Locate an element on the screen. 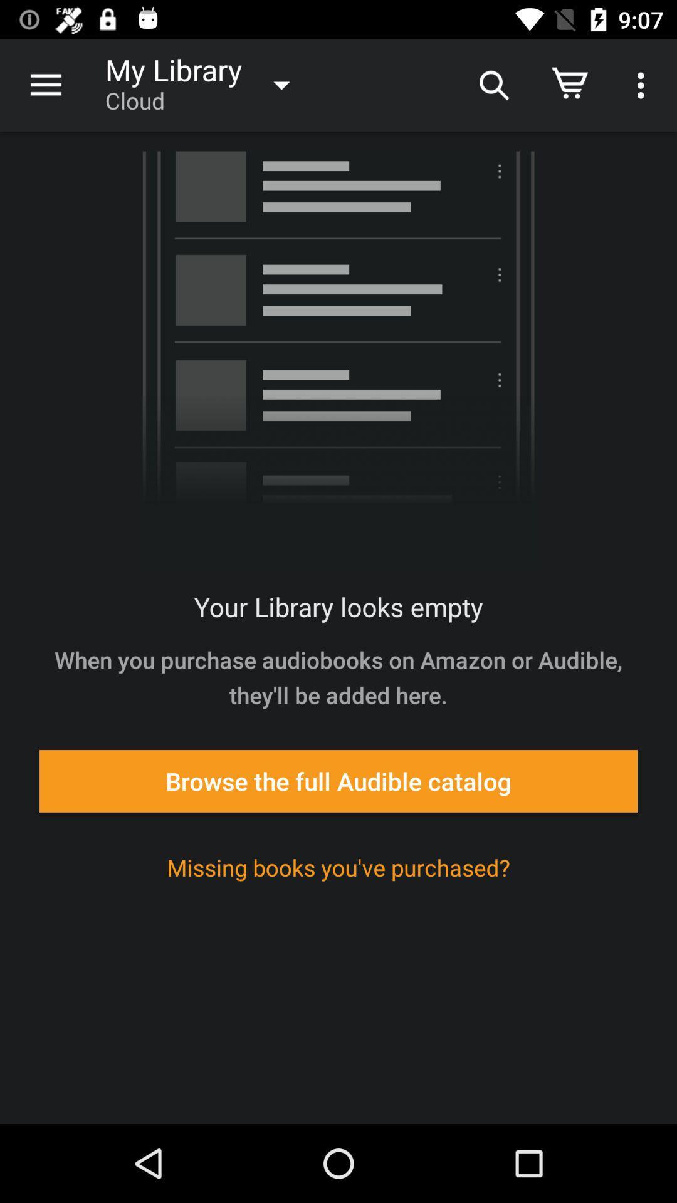 The width and height of the screenshot is (677, 1203). missing books you is located at coordinates (338, 867).